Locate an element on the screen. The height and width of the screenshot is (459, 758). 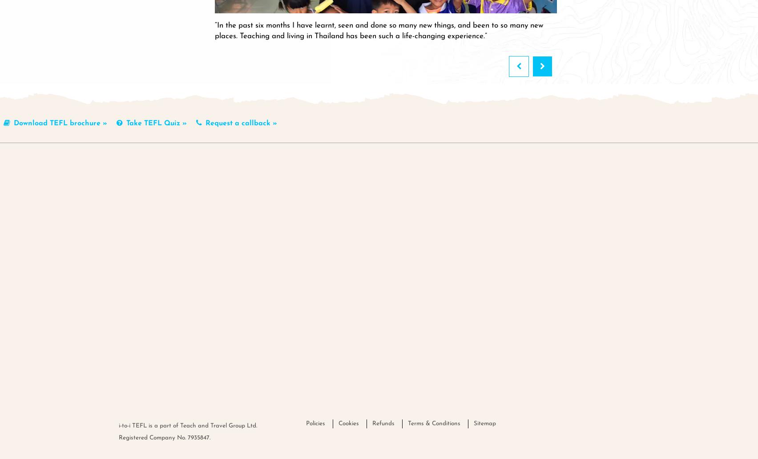
'About' is located at coordinates (472, 155).